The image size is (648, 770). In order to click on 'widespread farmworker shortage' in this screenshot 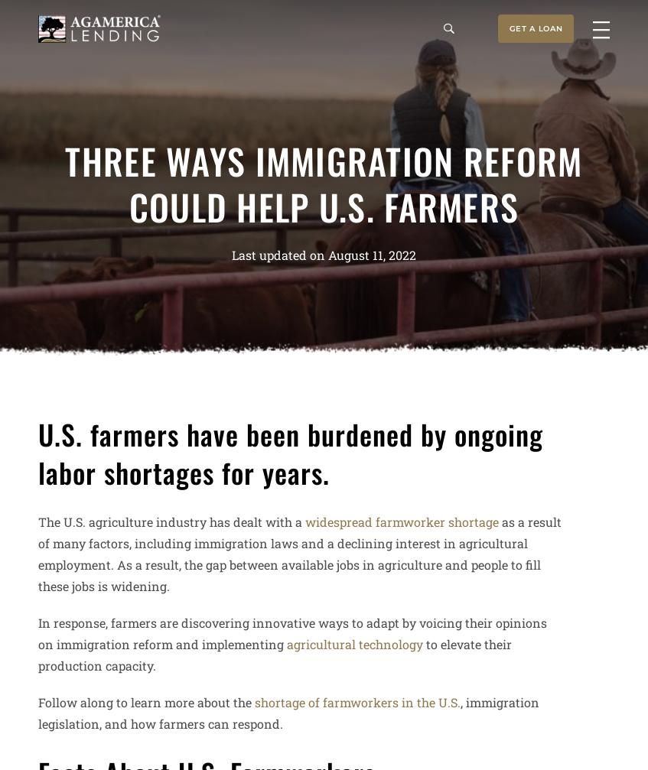, I will do `click(304, 520)`.